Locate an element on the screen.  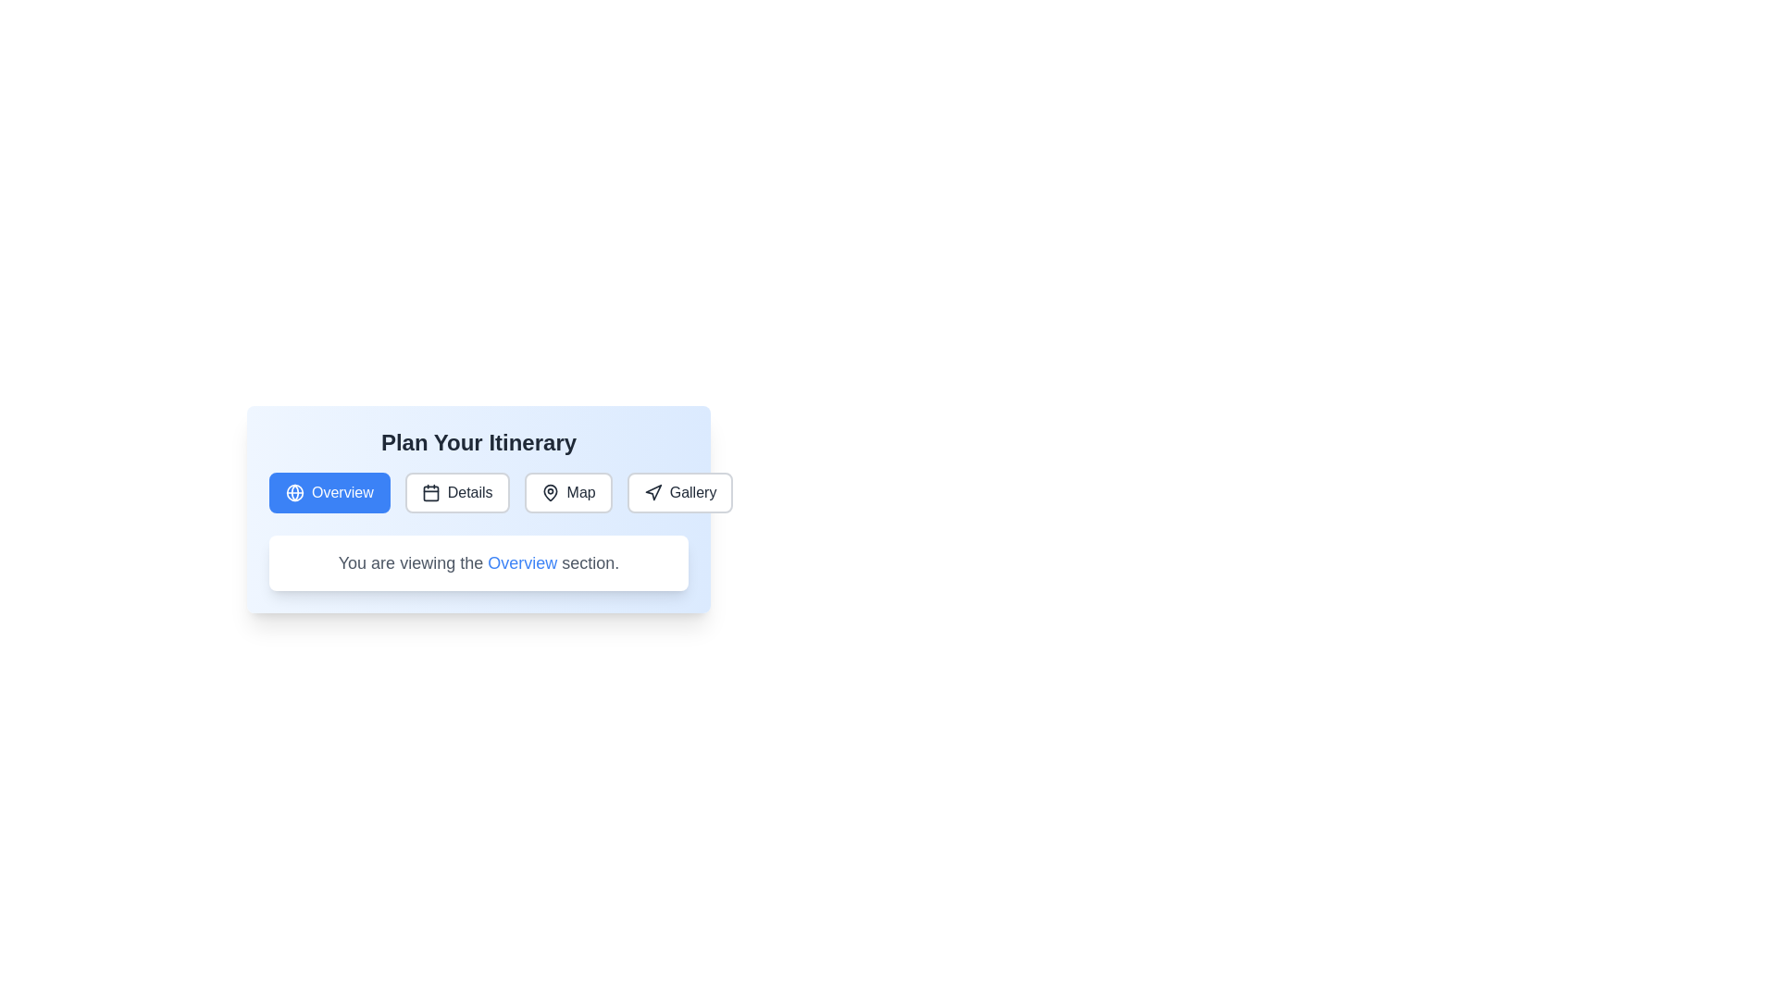
the 'Map' button, which is the third button in a horizontal group of four buttons labeled 'Overview,' 'Details,' 'Map,' and 'Gallery' is located at coordinates (567, 491).